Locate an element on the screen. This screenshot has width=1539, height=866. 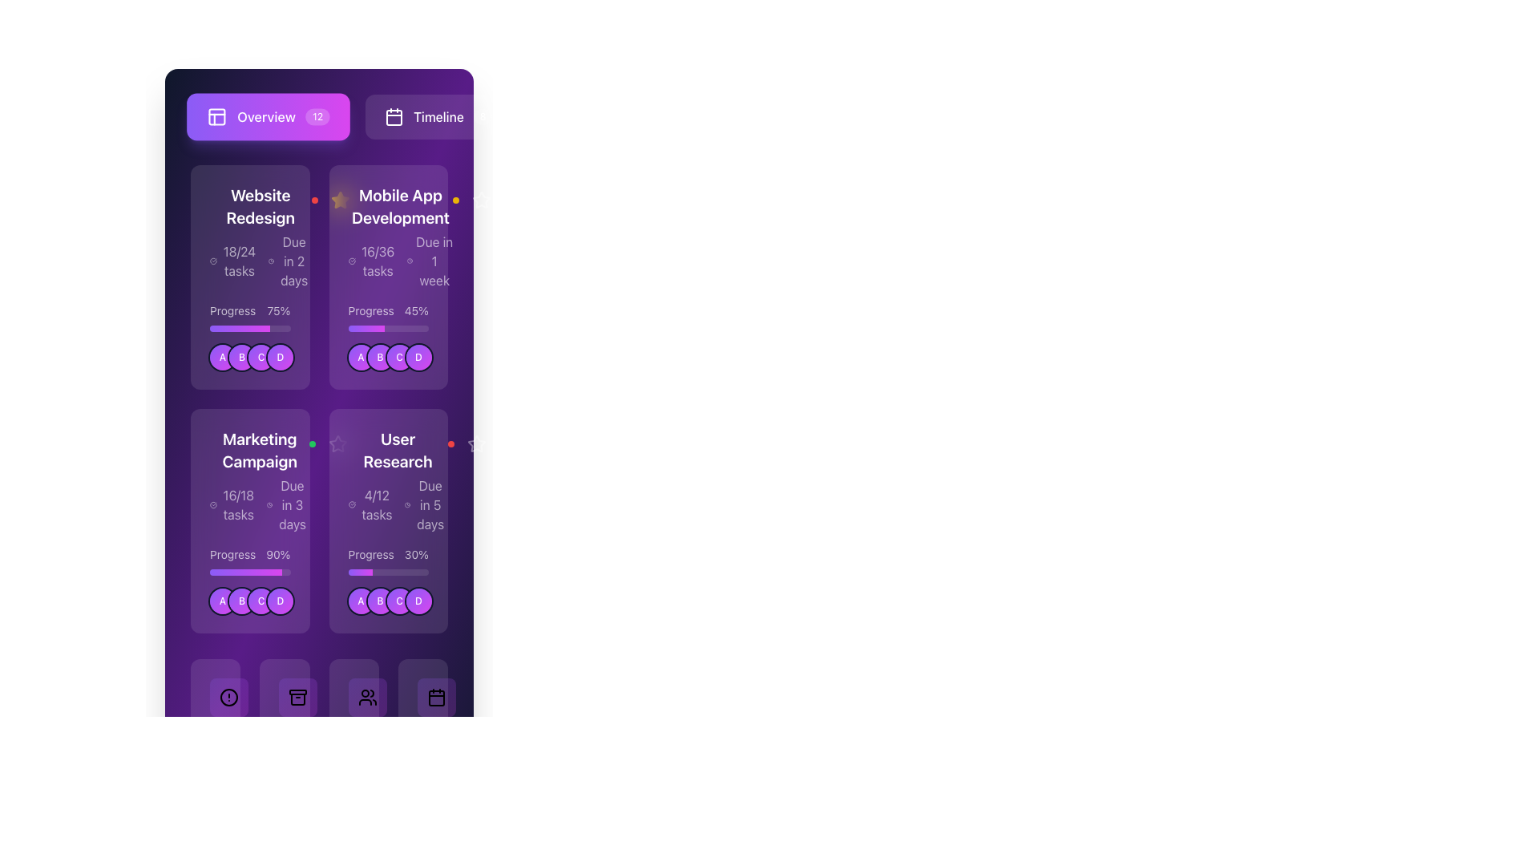
the progress bar located within the 'Marketing Campaign' card, which indicates 90% completion and is positioned above the user avatars is located at coordinates (245, 571).